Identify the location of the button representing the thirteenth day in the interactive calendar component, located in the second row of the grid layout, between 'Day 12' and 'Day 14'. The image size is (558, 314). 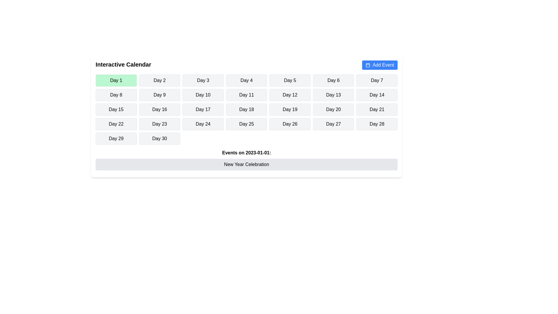
(333, 95).